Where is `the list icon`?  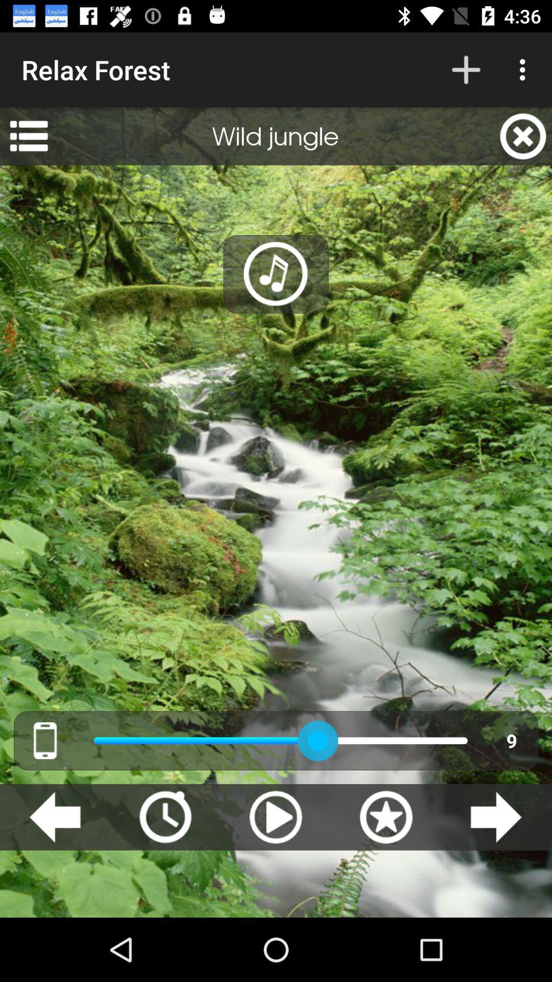 the list icon is located at coordinates (28, 136).